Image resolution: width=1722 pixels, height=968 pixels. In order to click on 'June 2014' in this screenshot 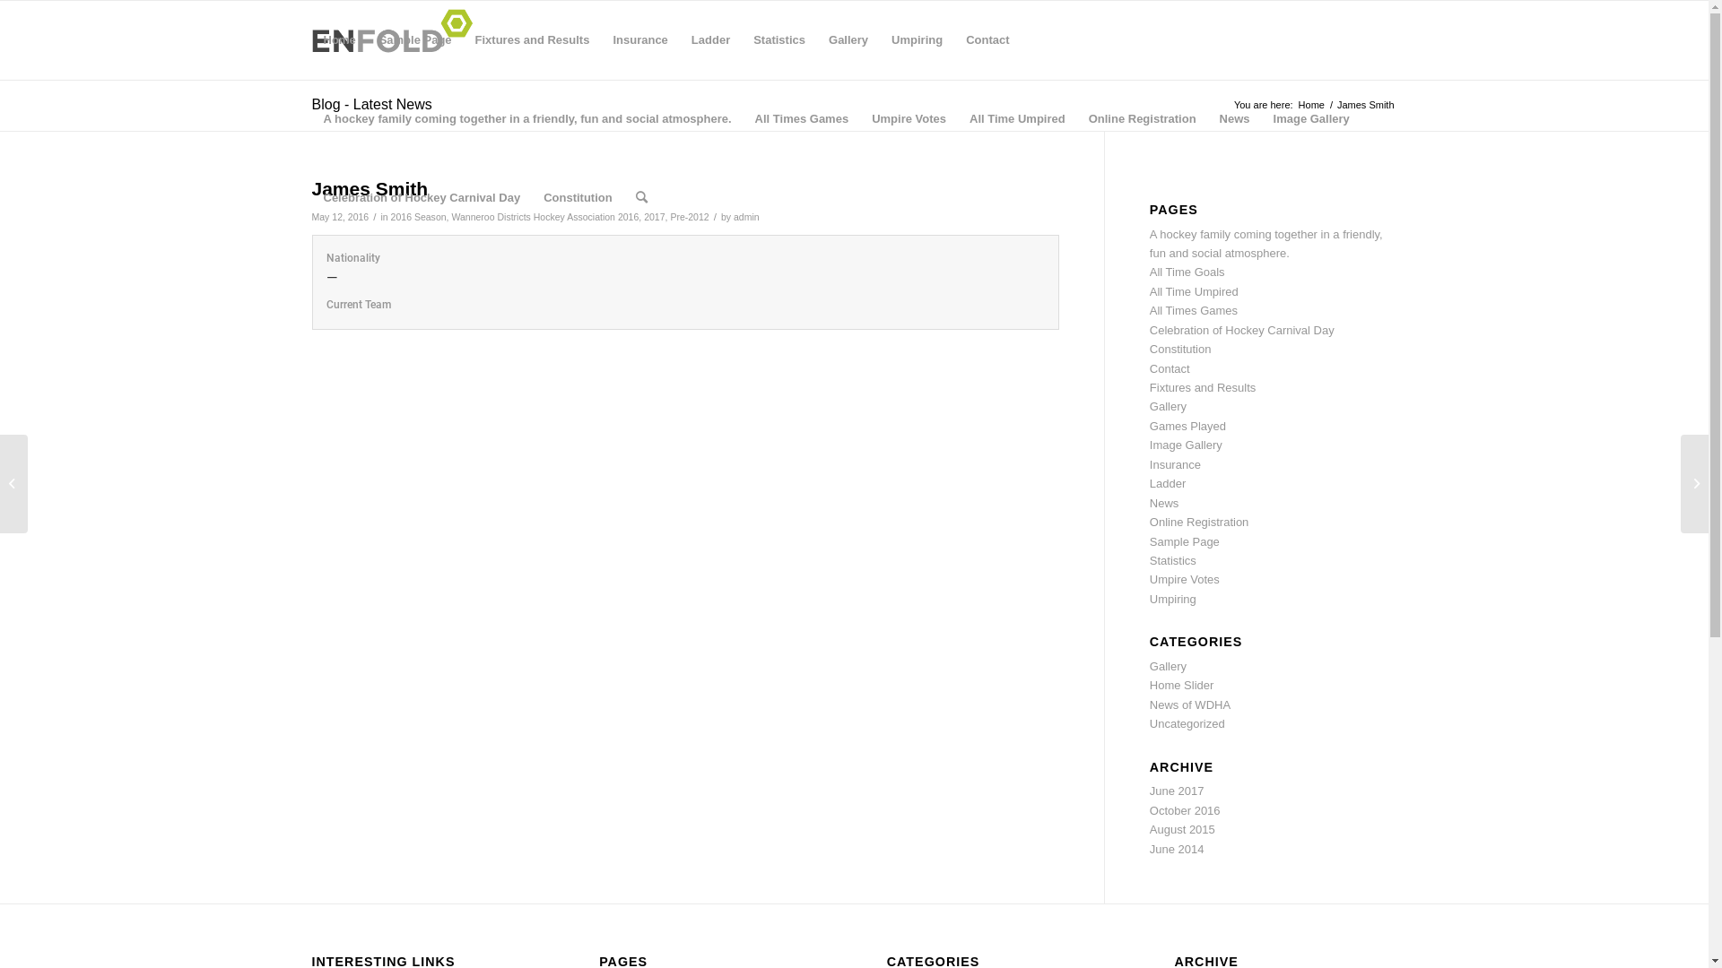, I will do `click(1177, 848)`.